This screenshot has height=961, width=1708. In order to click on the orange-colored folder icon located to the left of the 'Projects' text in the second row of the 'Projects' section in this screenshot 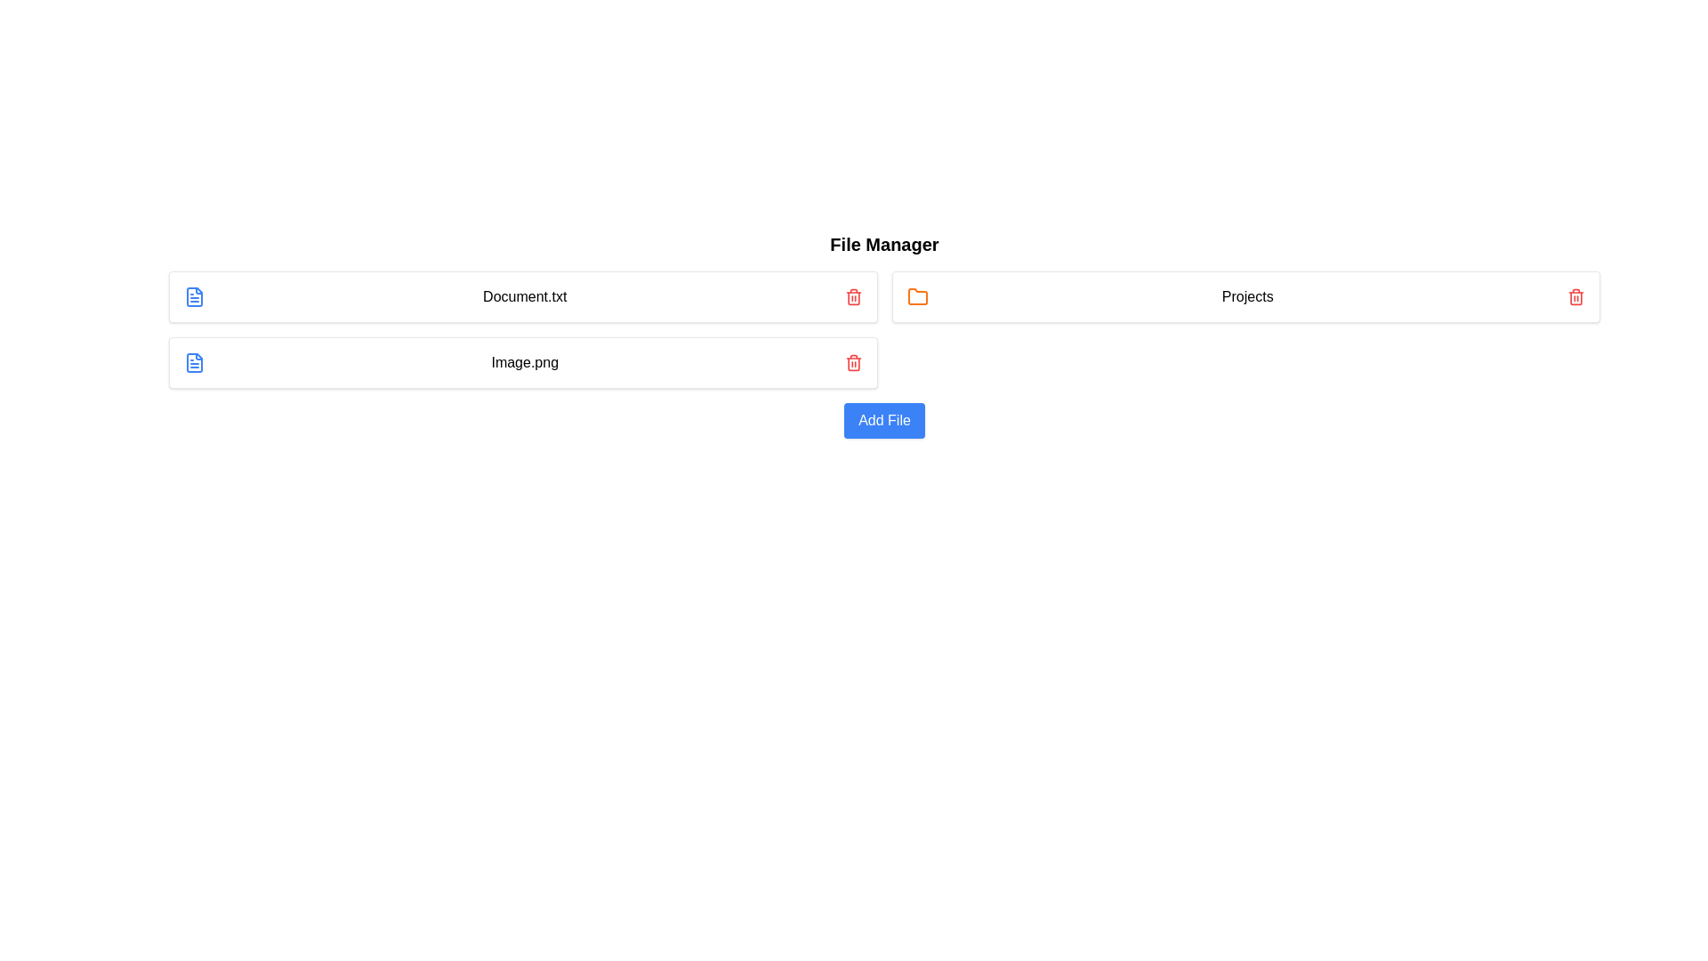, I will do `click(917, 296)`.